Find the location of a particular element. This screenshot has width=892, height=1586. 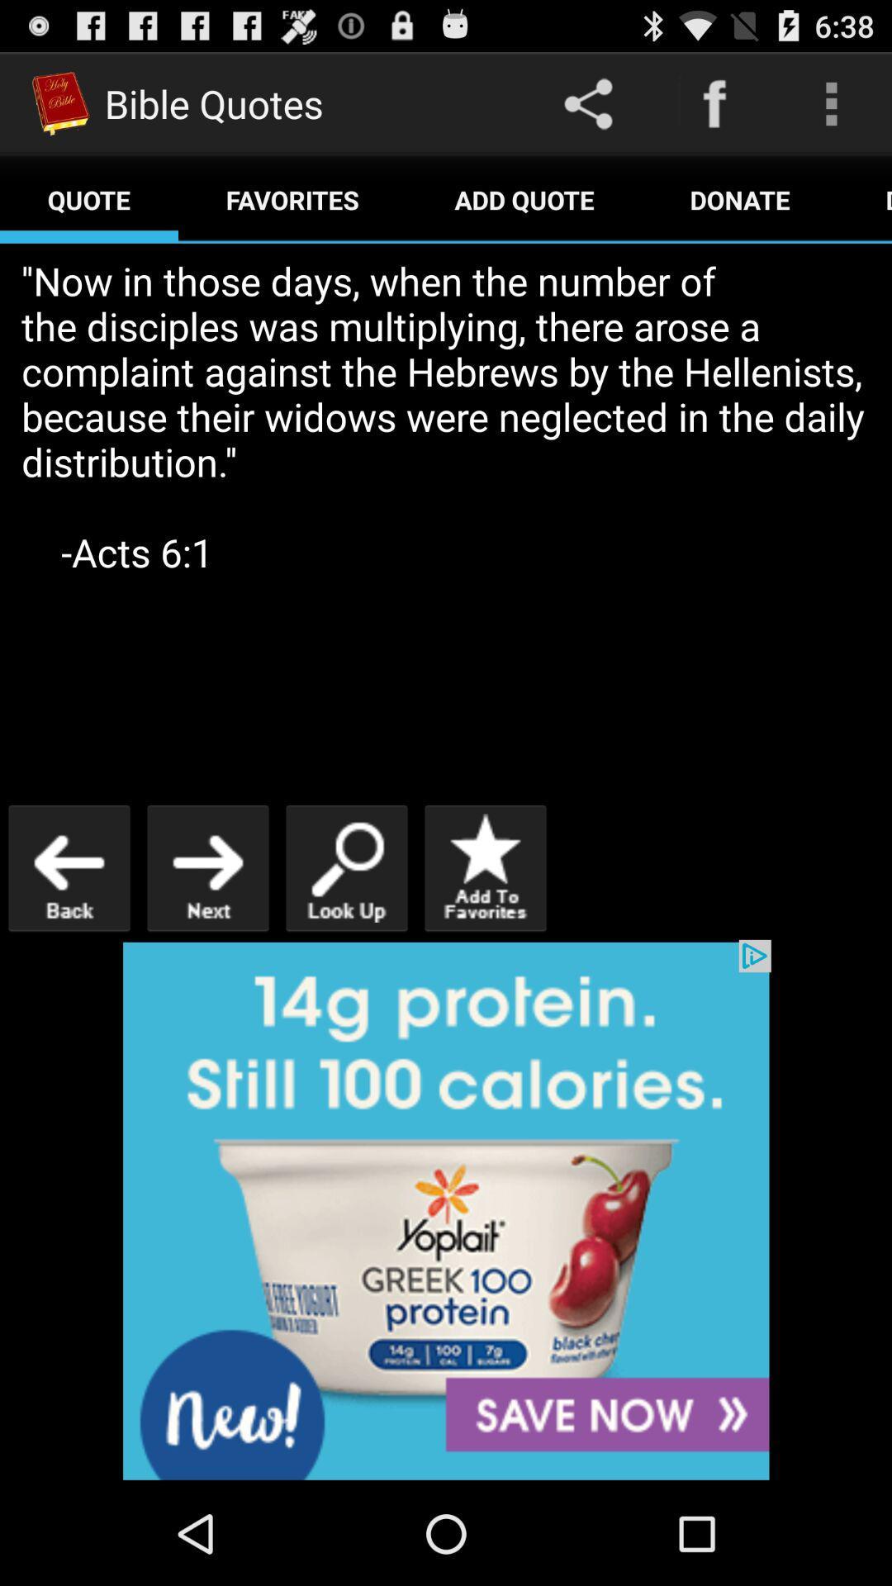

to favorites is located at coordinates (484, 867).